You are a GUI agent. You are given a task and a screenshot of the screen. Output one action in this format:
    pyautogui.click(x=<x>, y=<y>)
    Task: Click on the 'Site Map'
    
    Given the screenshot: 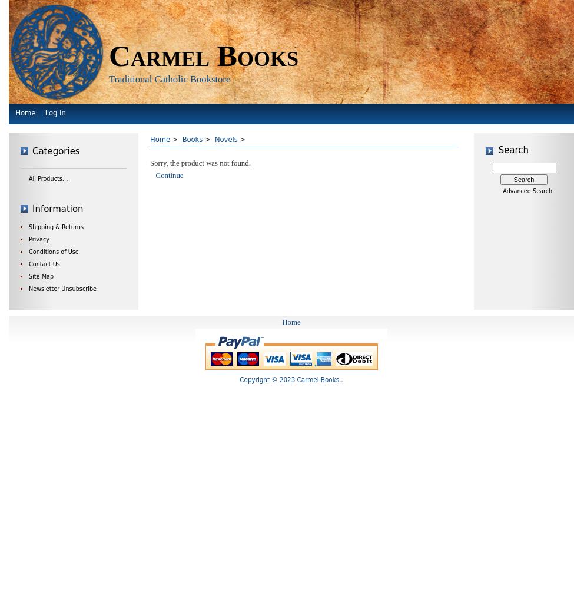 What is the action you would take?
    pyautogui.click(x=41, y=276)
    